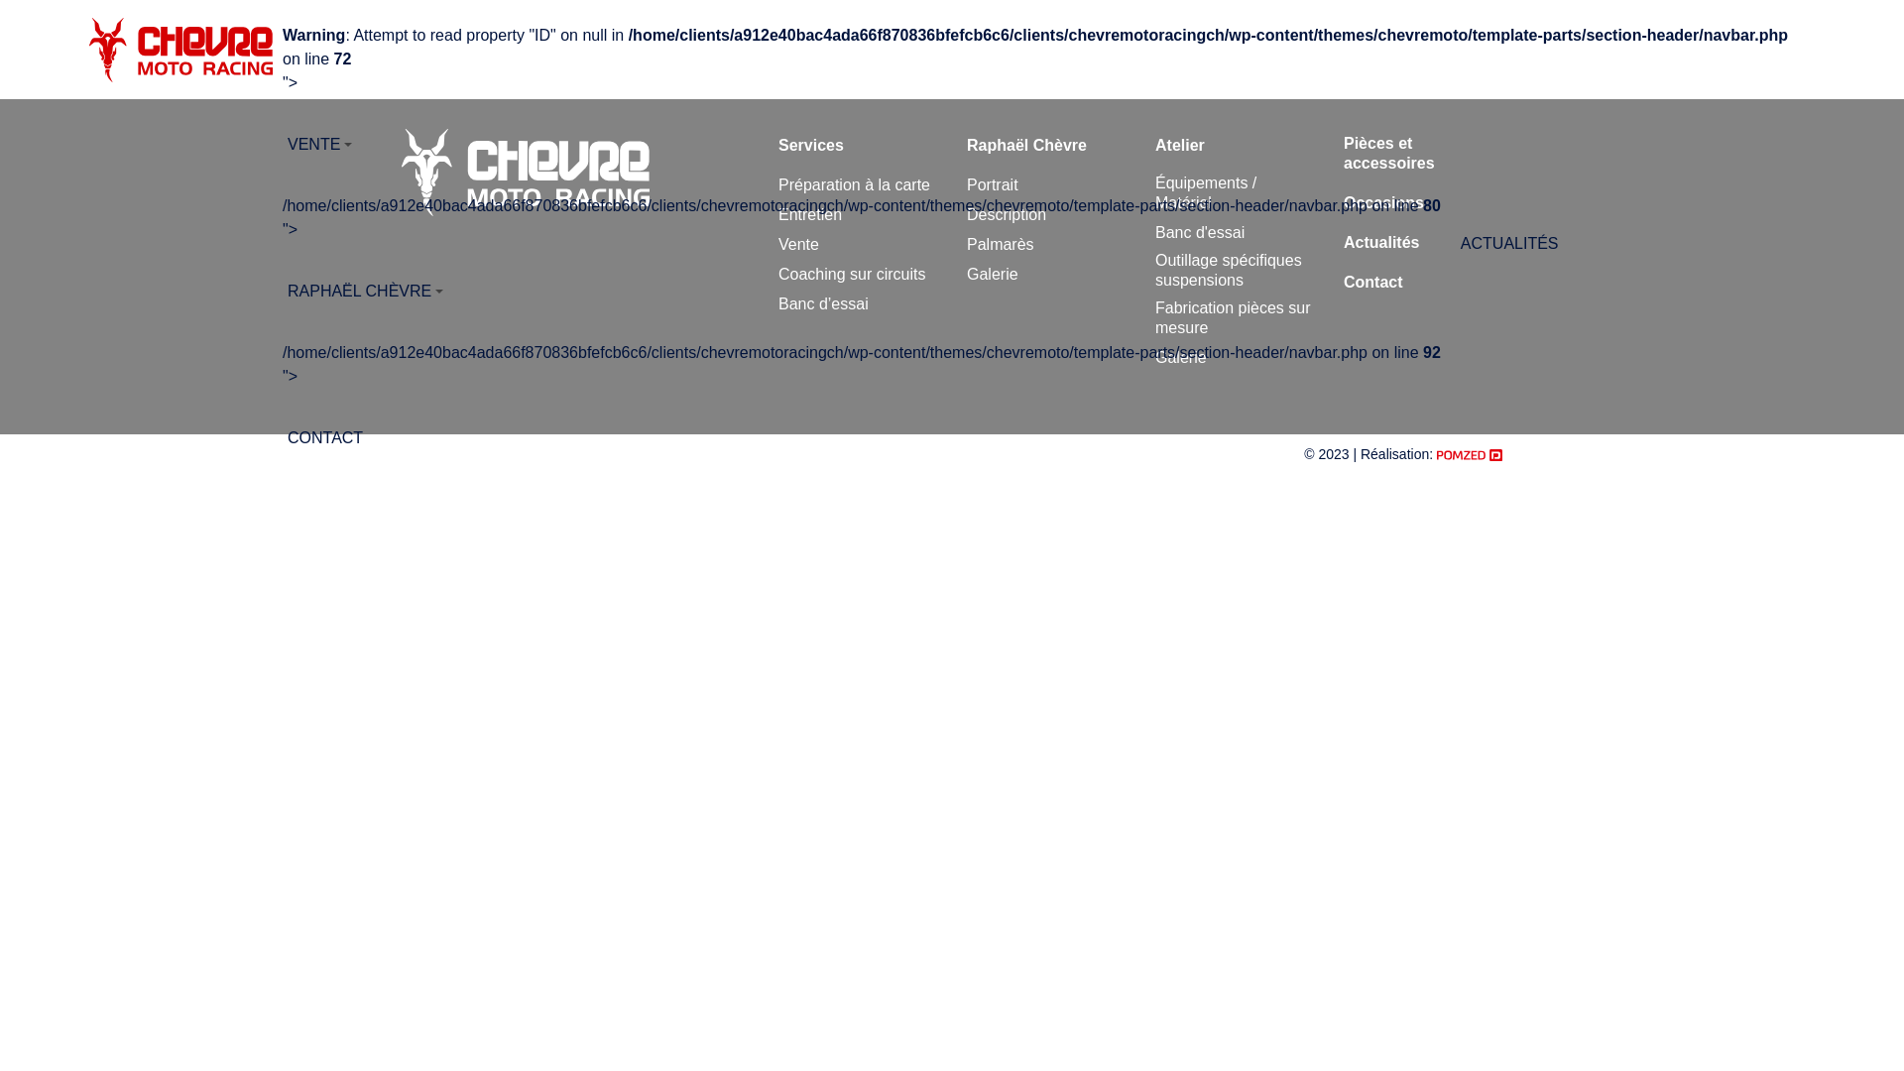 The height and width of the screenshot is (1071, 1904). Describe the element at coordinates (966, 184) in the screenshot. I see `'Portrait'` at that location.